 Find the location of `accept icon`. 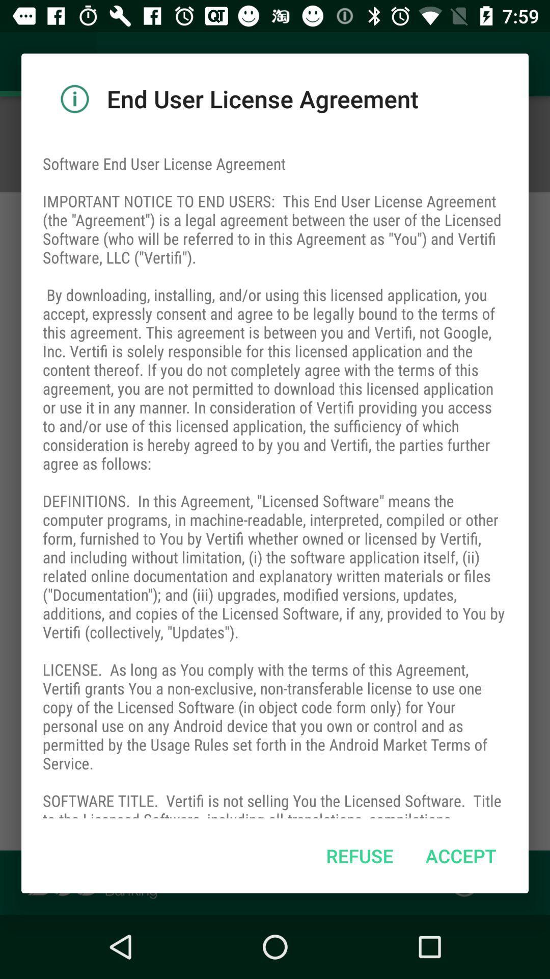

accept icon is located at coordinates (461, 856).